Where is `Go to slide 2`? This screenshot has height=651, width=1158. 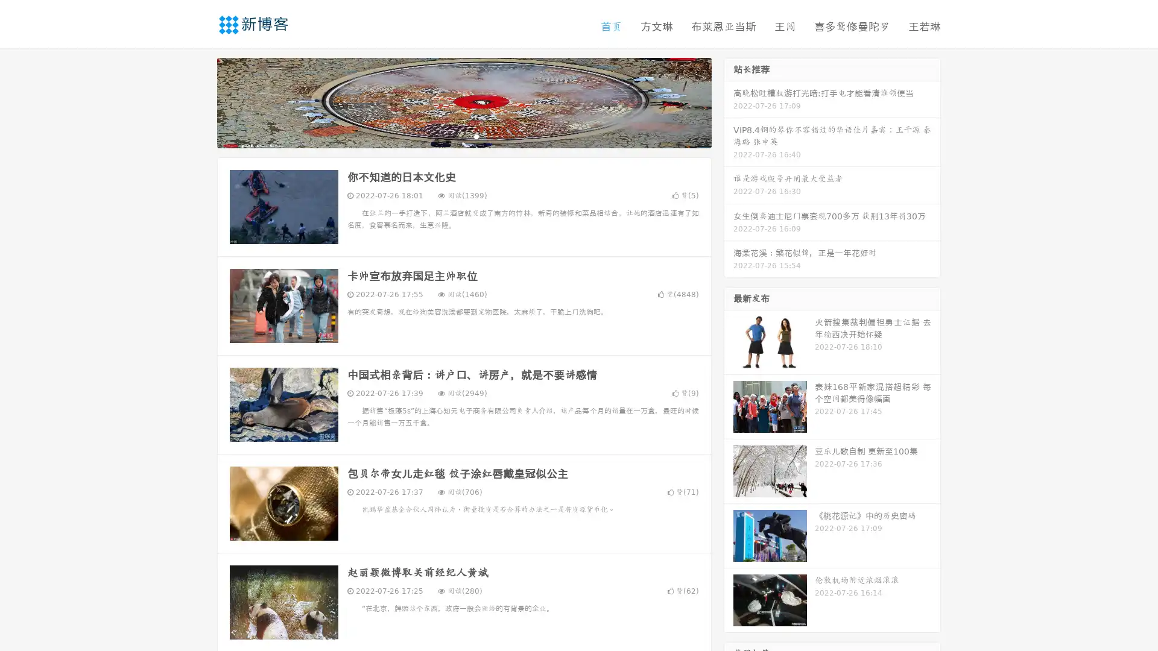 Go to slide 2 is located at coordinates (463, 136).